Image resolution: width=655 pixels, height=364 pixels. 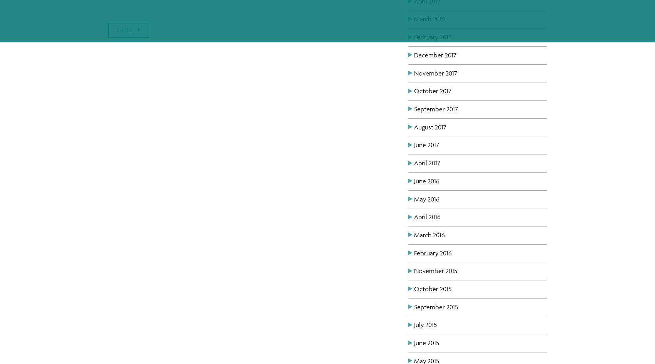 I want to click on 'November 2015', so click(x=435, y=270).